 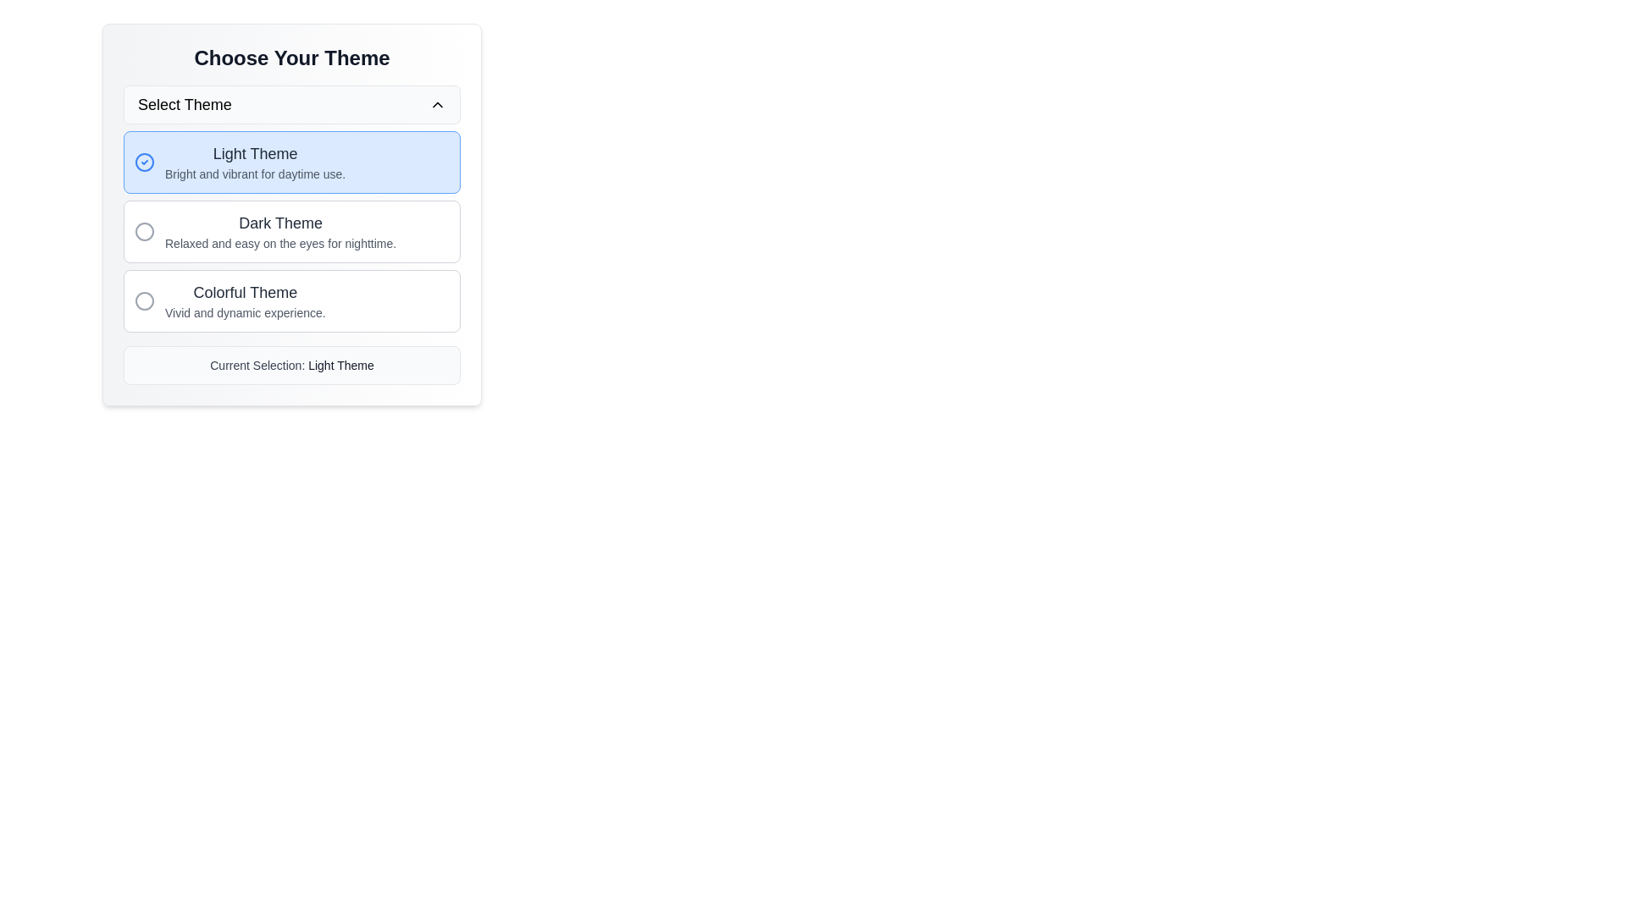 I want to click on the unselected Circle graphic indicator for the 'Dark Theme' choice, so click(x=145, y=231).